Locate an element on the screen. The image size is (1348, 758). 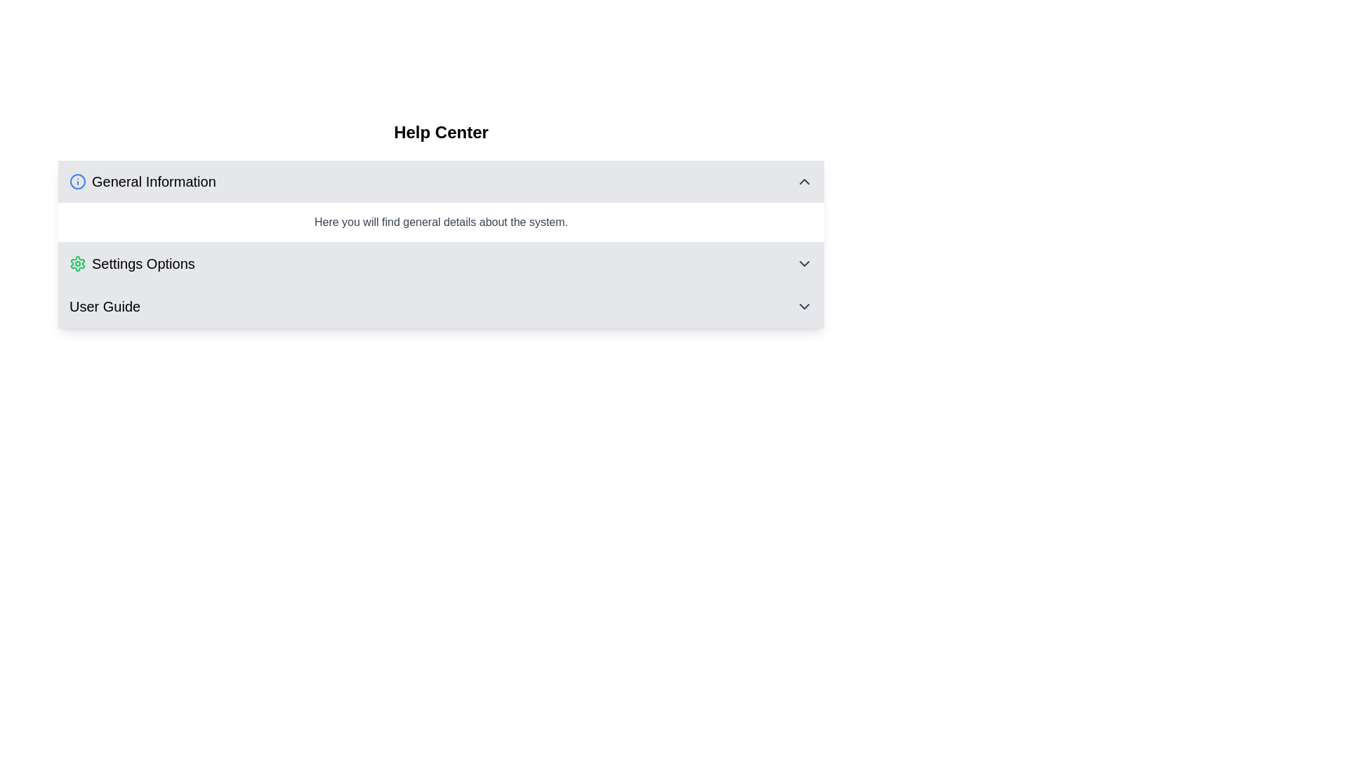
the green outlined gear icon representing settings, located to the left of the 'Settings Options' text is located at coordinates (77, 263).